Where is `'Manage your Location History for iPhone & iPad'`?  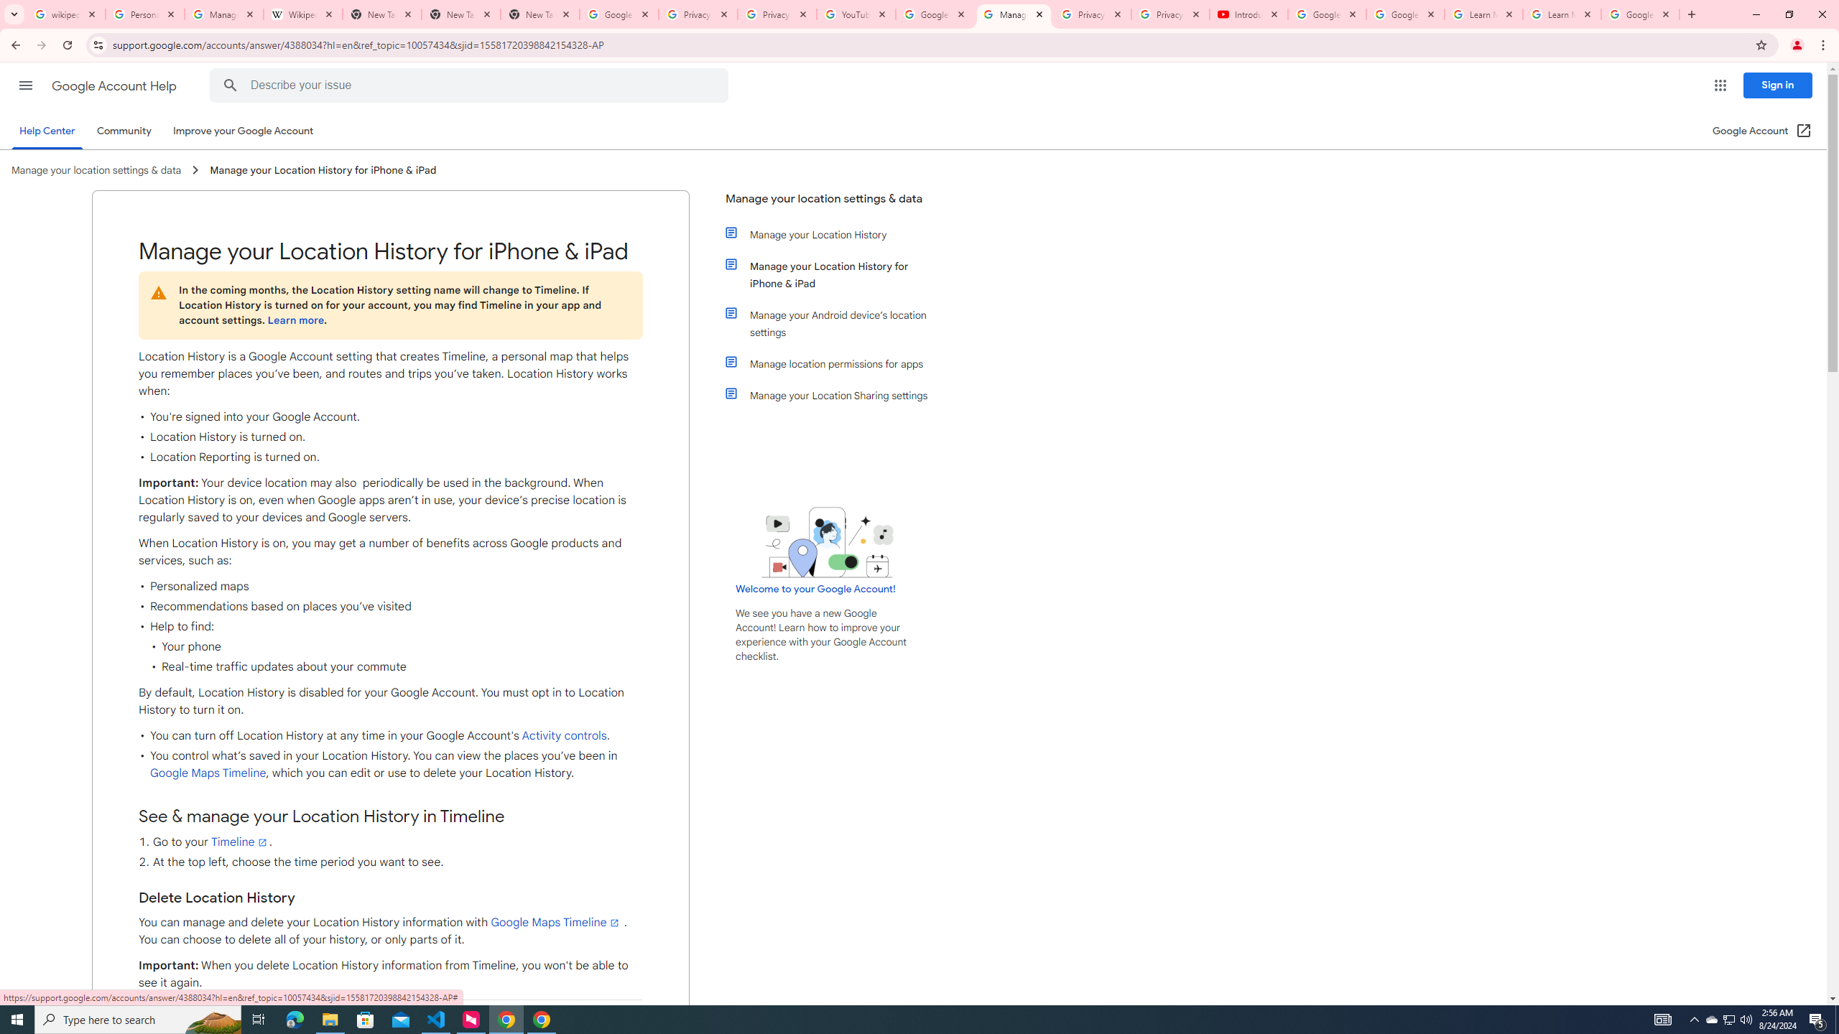 'Manage your Location History for iPhone & iPad' is located at coordinates (835, 274).